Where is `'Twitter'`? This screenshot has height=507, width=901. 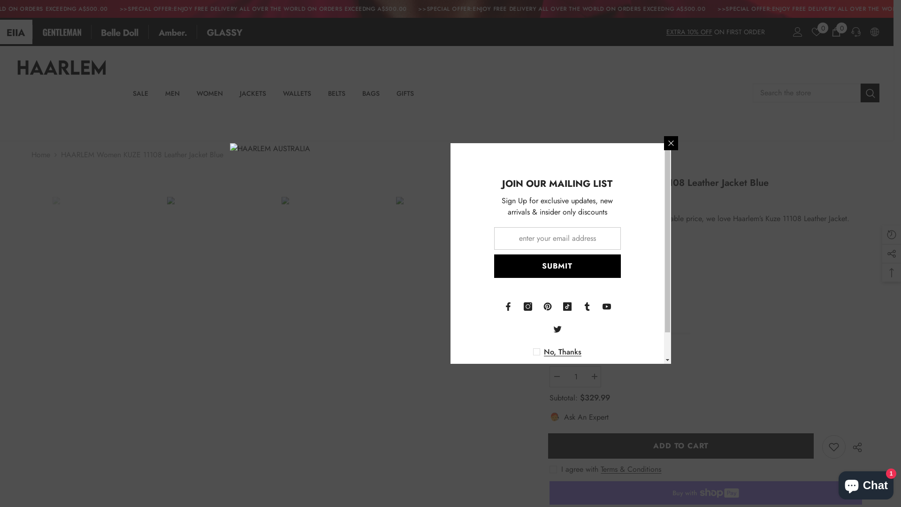
'Twitter' is located at coordinates (557, 329).